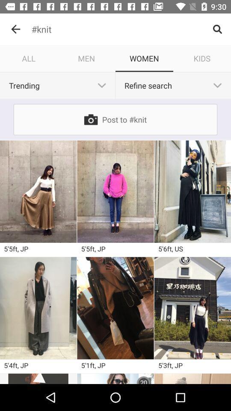 This screenshot has height=411, width=231. What do you see at coordinates (115, 308) in the screenshot?
I see `share the article` at bounding box center [115, 308].